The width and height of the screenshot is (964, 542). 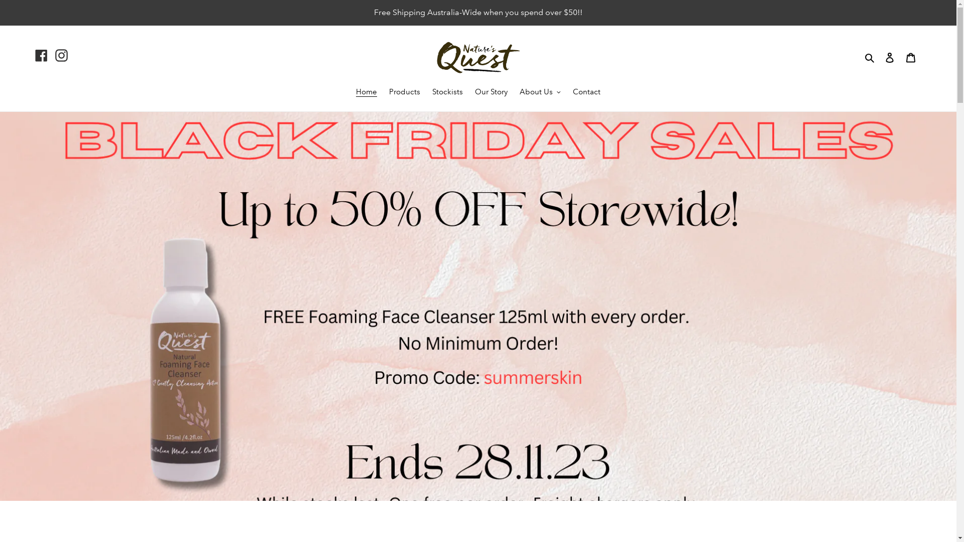 I want to click on 'Cart', so click(x=911, y=57).